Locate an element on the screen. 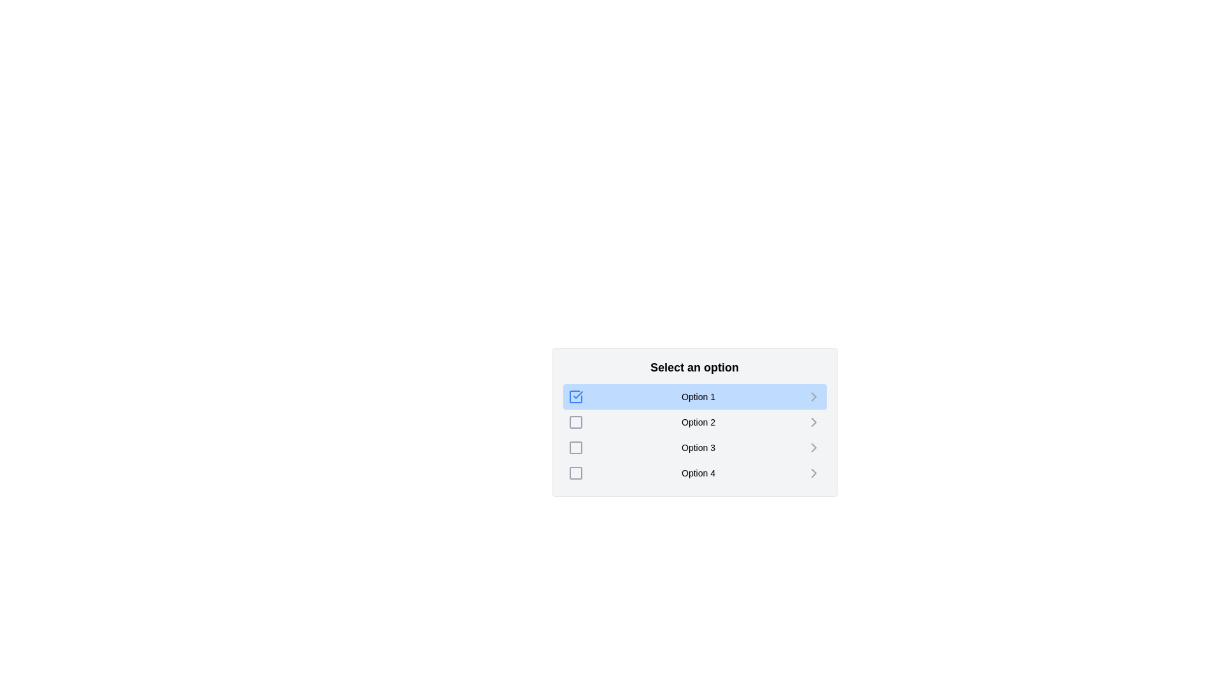 The width and height of the screenshot is (1222, 687). the rightwards chevron icon next to 'Option 1' is located at coordinates (813, 396).